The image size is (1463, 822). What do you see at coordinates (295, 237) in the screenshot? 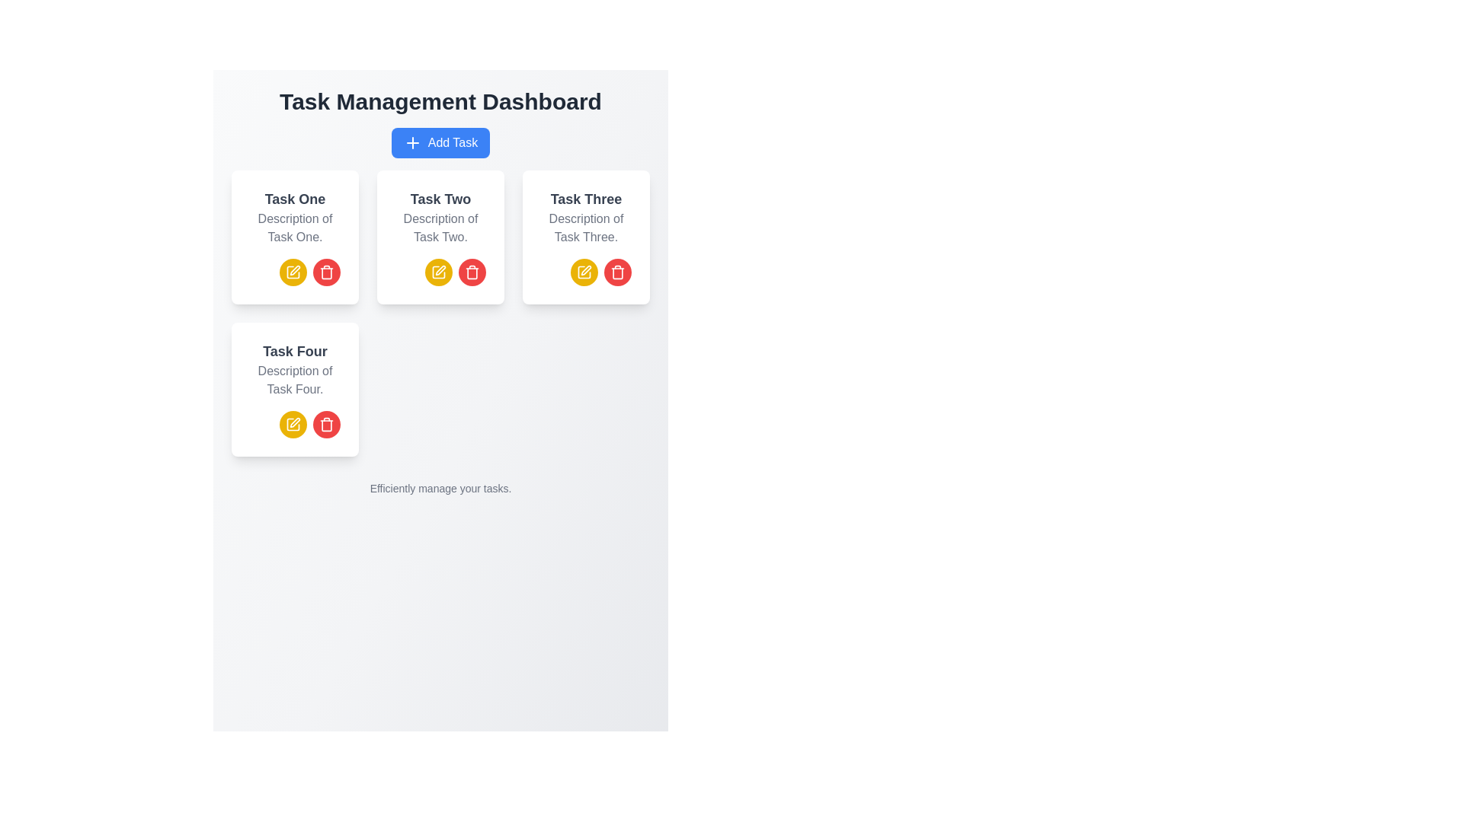
I see `the yellow edit button on the task card titled 'Task One', which is located at the top-left corner of the layout` at bounding box center [295, 237].